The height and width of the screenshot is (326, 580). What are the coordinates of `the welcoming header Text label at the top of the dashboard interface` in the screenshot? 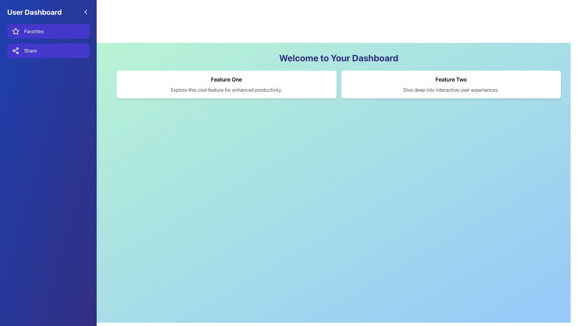 It's located at (339, 58).